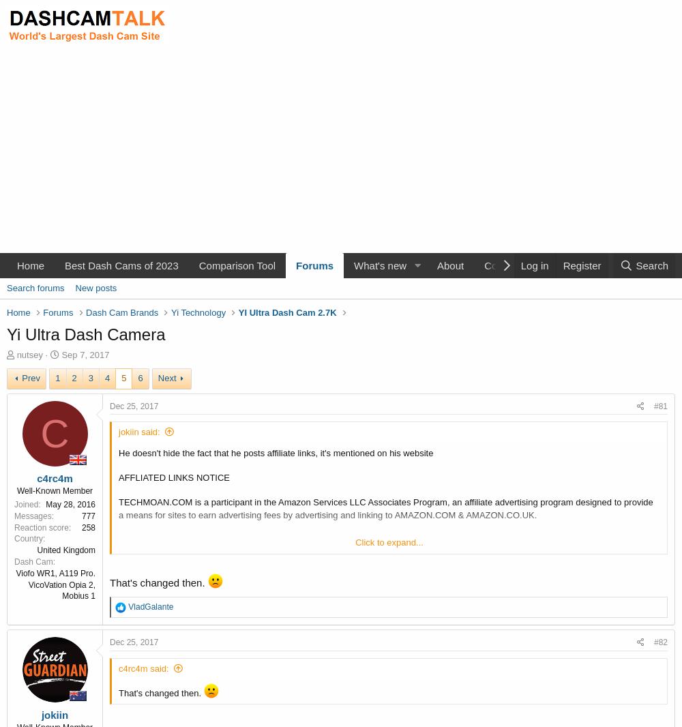 This screenshot has height=727, width=682. What do you see at coordinates (237, 312) in the screenshot?
I see `'YI Ultra Dash Cam 2.7K'` at bounding box center [237, 312].